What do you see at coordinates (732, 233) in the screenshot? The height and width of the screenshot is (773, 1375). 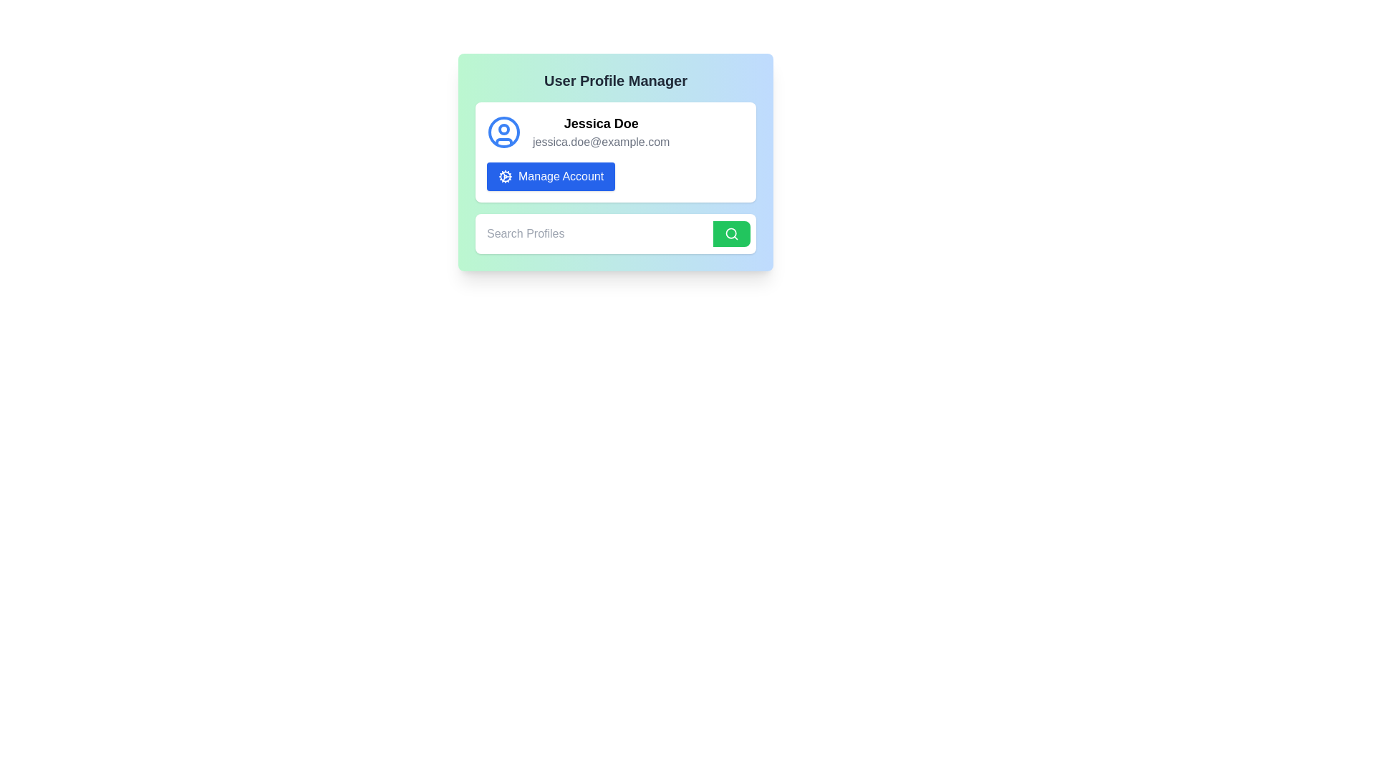 I see `the search button located to the right of the 'Search Profiles' input field to observe its hover effect` at bounding box center [732, 233].